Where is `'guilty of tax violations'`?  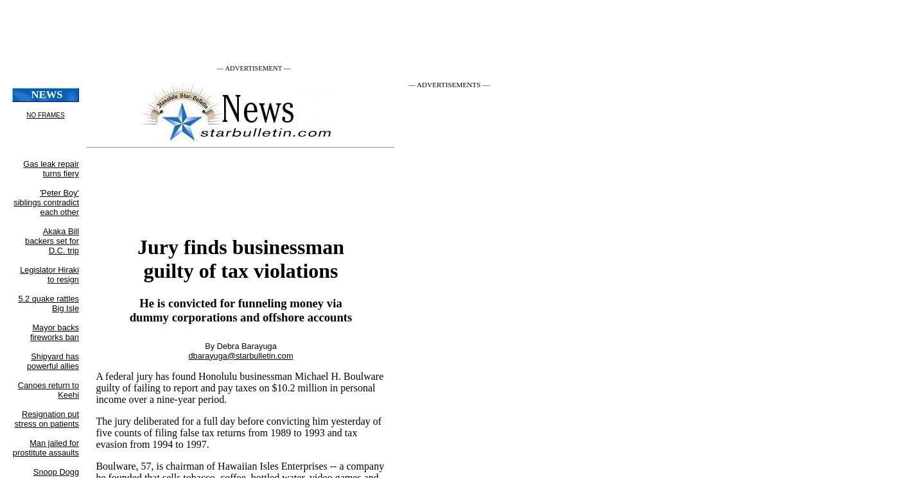
'guilty of tax violations' is located at coordinates (143, 269).